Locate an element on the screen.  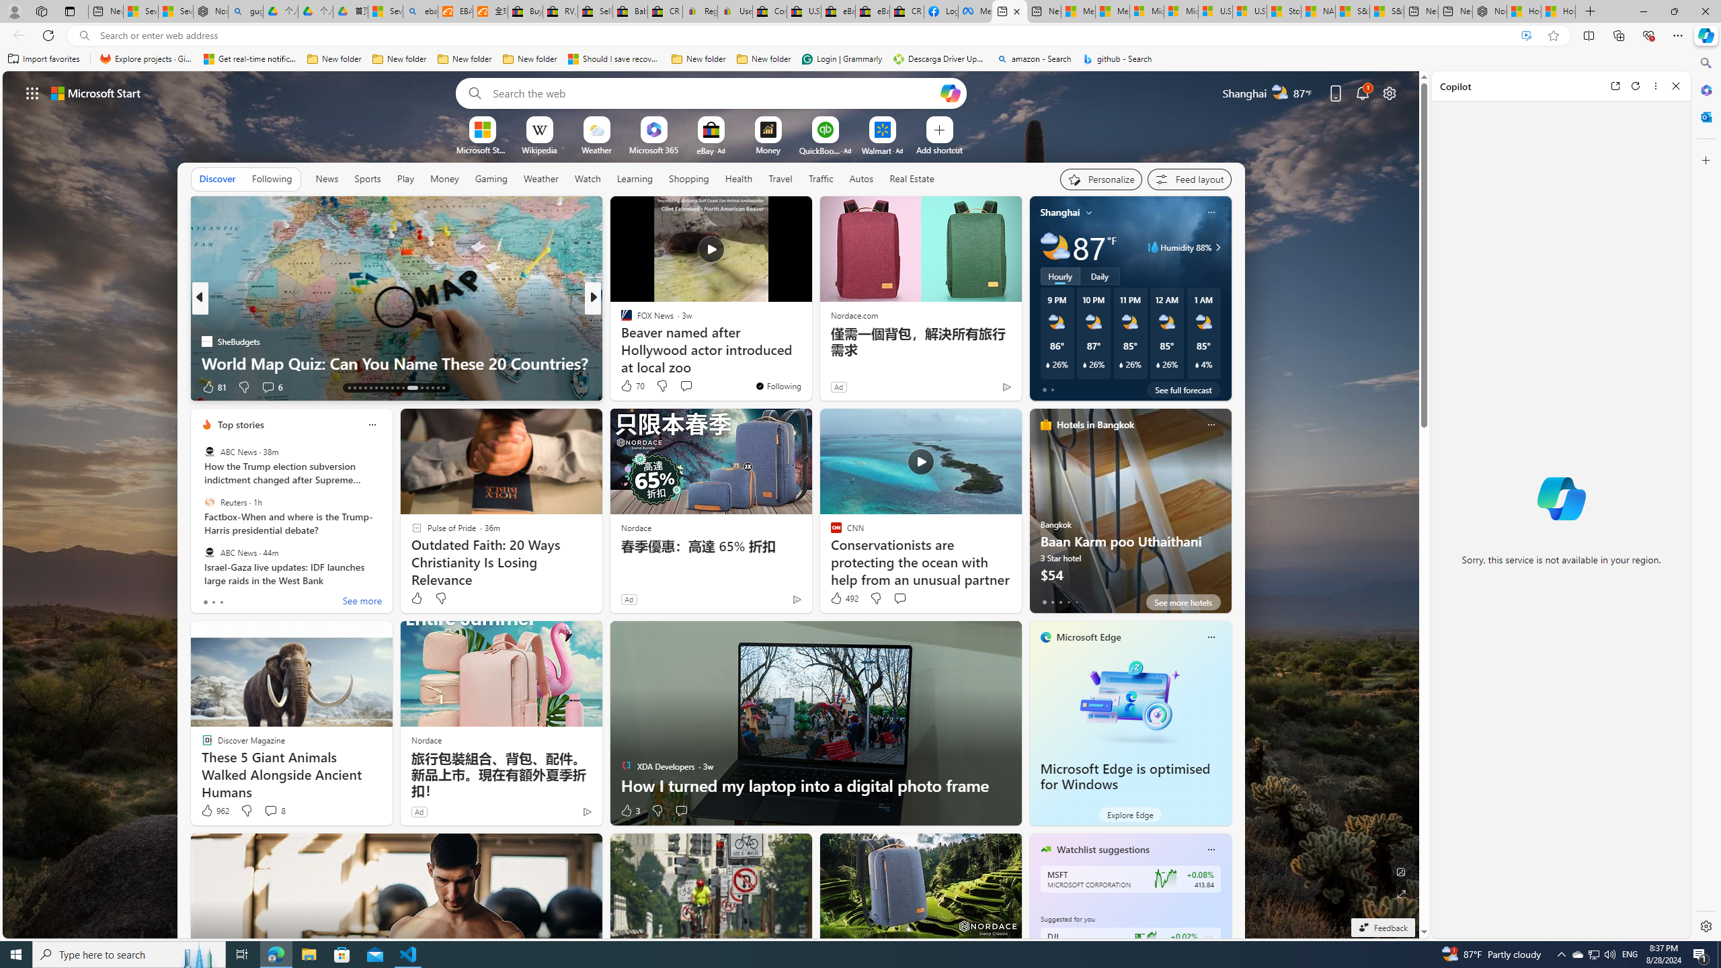
'Humidity 88%' is located at coordinates (1215, 247).